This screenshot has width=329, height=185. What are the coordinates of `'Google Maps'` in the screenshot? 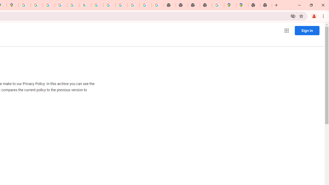 It's located at (230, 5).